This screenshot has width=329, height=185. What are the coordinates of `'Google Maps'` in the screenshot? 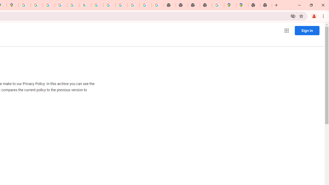 It's located at (230, 5).